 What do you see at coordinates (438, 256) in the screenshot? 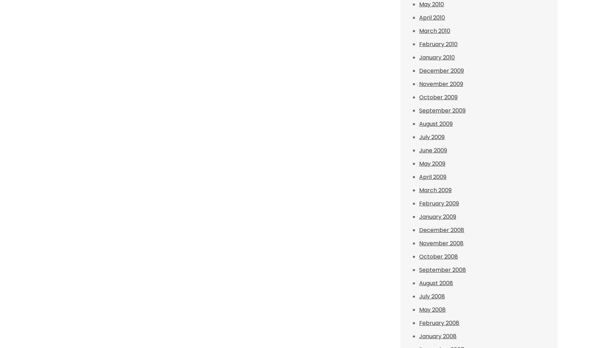
I see `'October 2008'` at bounding box center [438, 256].